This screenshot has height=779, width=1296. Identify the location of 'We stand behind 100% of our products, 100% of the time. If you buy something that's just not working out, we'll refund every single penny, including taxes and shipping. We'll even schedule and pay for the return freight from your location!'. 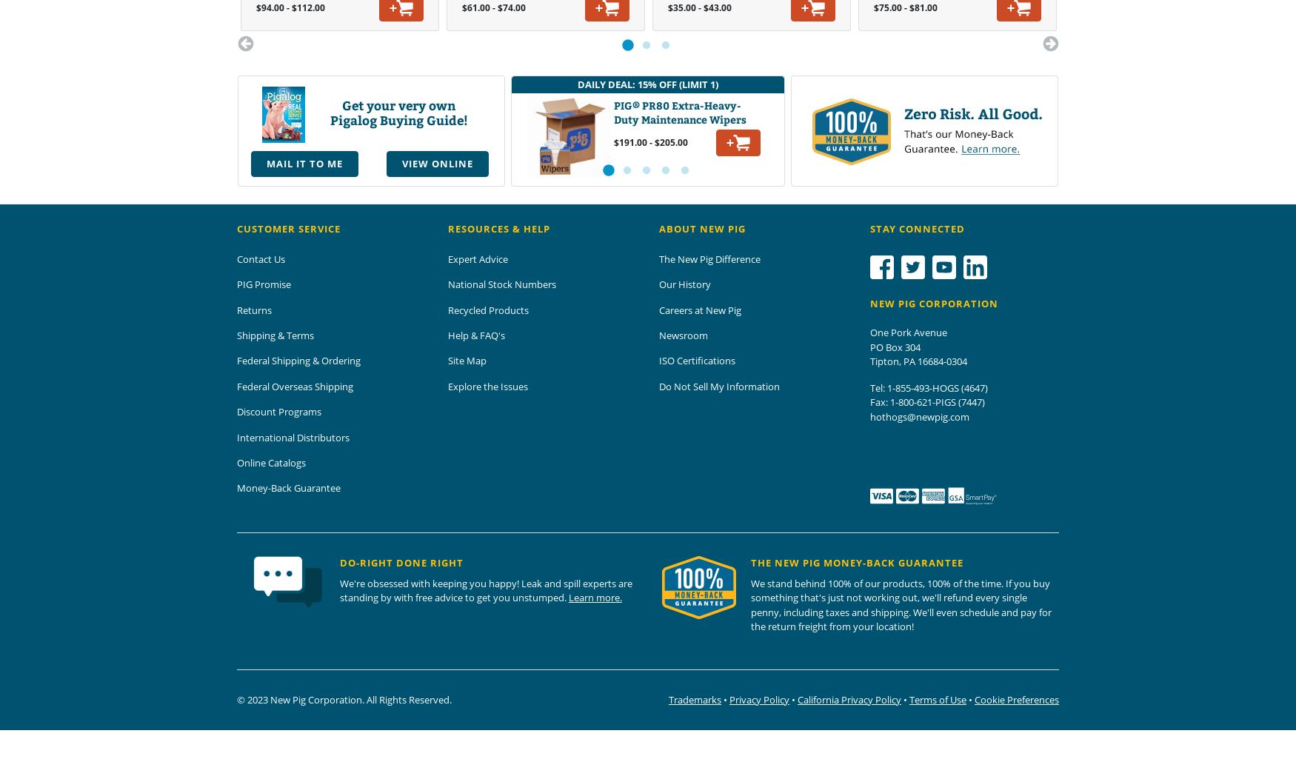
(901, 604).